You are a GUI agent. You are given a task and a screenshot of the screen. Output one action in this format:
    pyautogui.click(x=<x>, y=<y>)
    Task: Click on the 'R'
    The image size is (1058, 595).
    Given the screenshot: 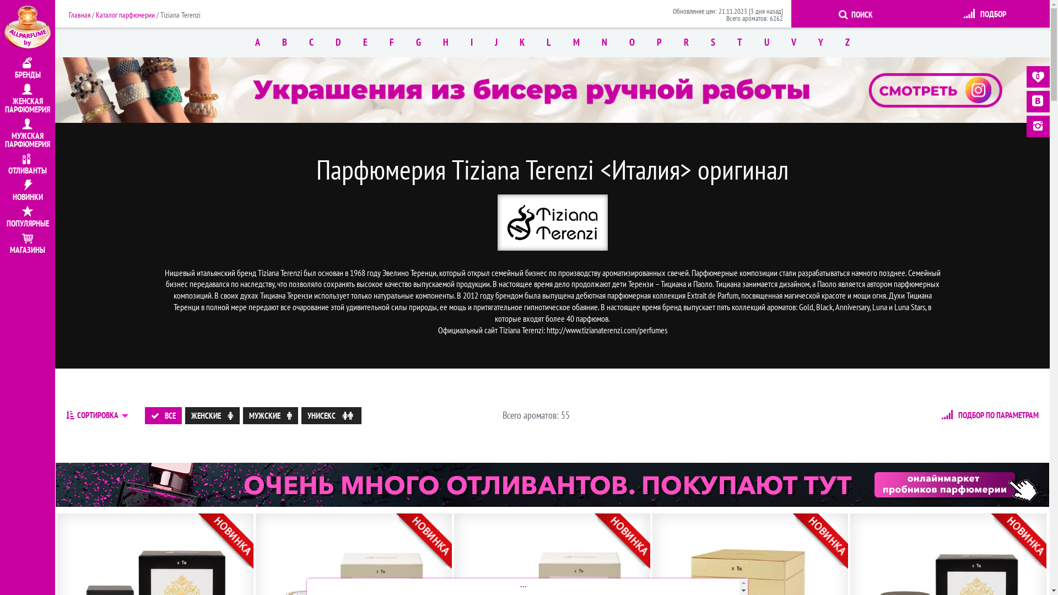 What is the action you would take?
    pyautogui.click(x=685, y=42)
    